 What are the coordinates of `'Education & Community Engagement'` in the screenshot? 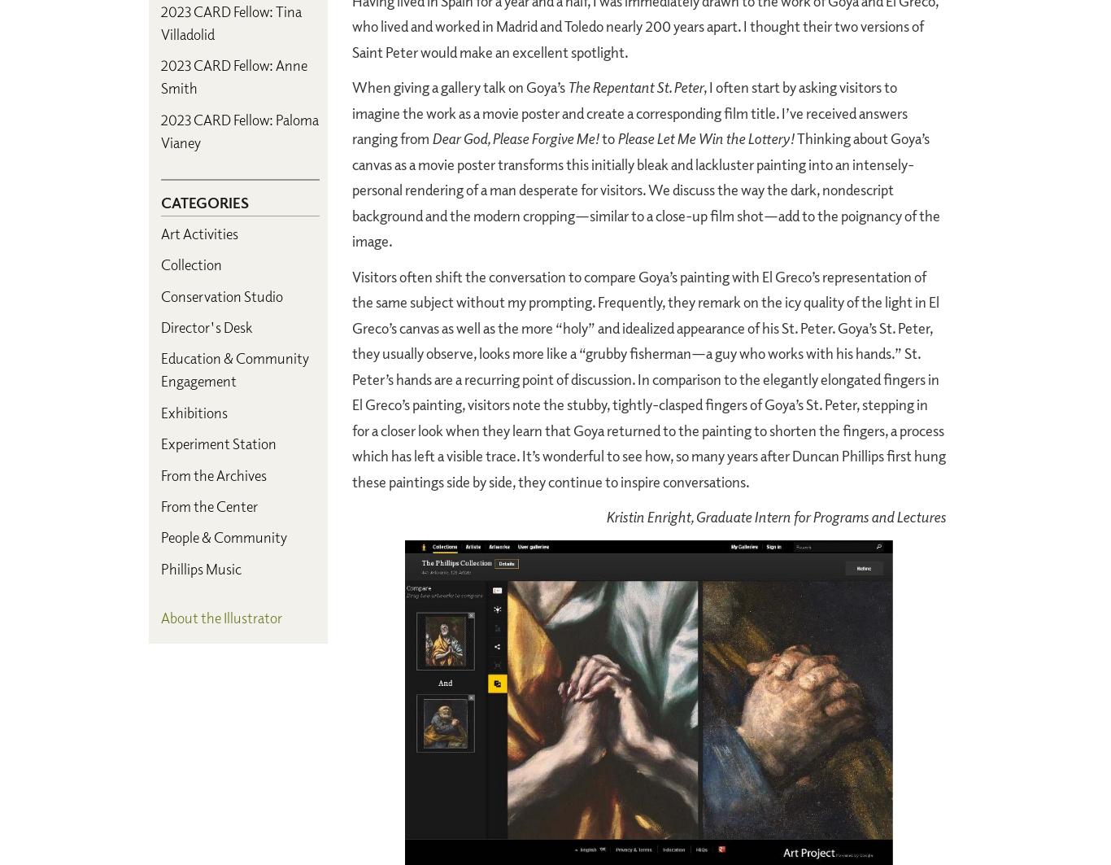 It's located at (235, 369).